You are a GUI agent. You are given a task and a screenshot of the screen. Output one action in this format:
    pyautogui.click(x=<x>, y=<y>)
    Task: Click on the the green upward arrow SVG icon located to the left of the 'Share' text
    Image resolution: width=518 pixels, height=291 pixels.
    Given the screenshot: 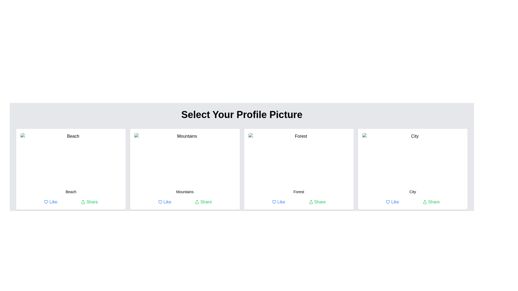 What is the action you would take?
    pyautogui.click(x=83, y=202)
    